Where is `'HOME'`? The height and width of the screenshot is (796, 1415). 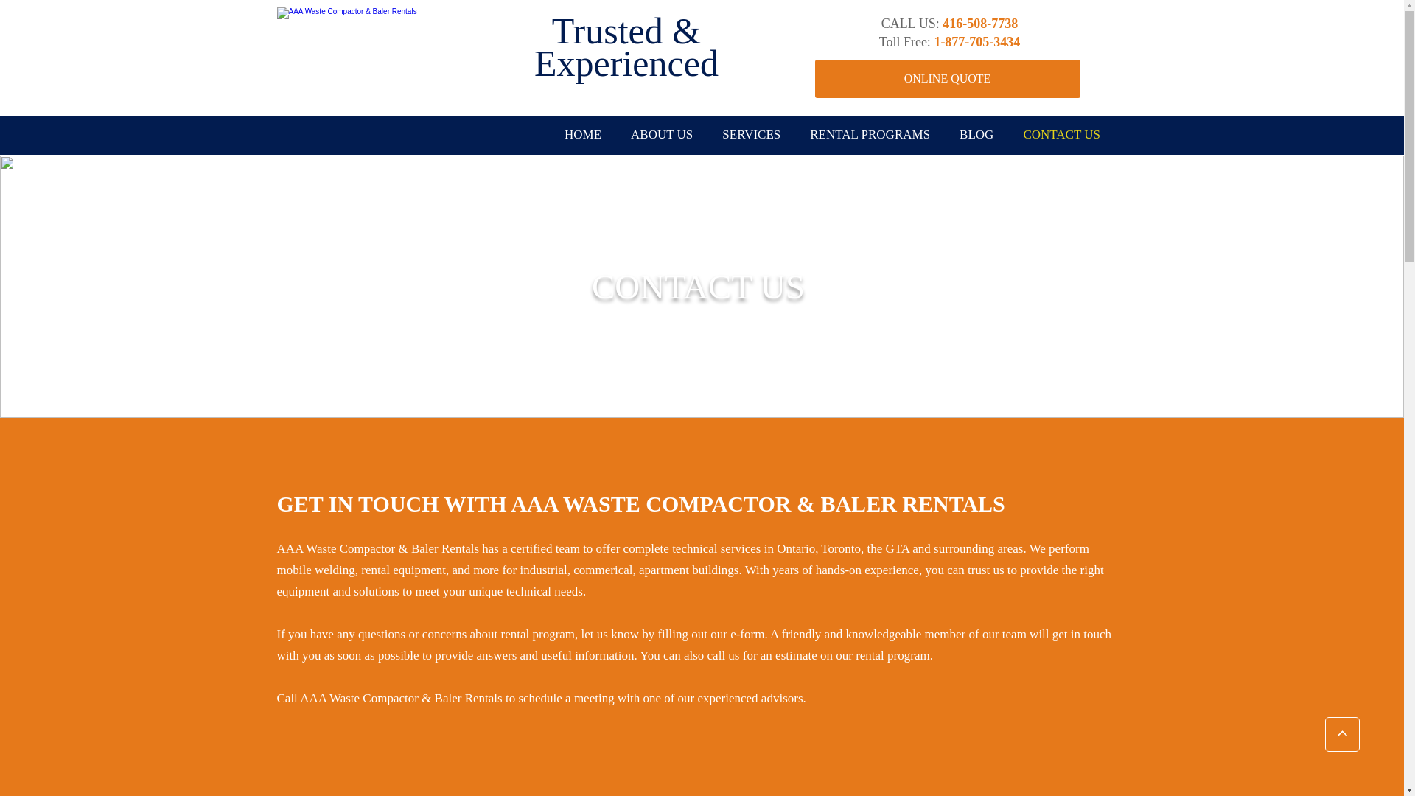
'HOME' is located at coordinates (582, 135).